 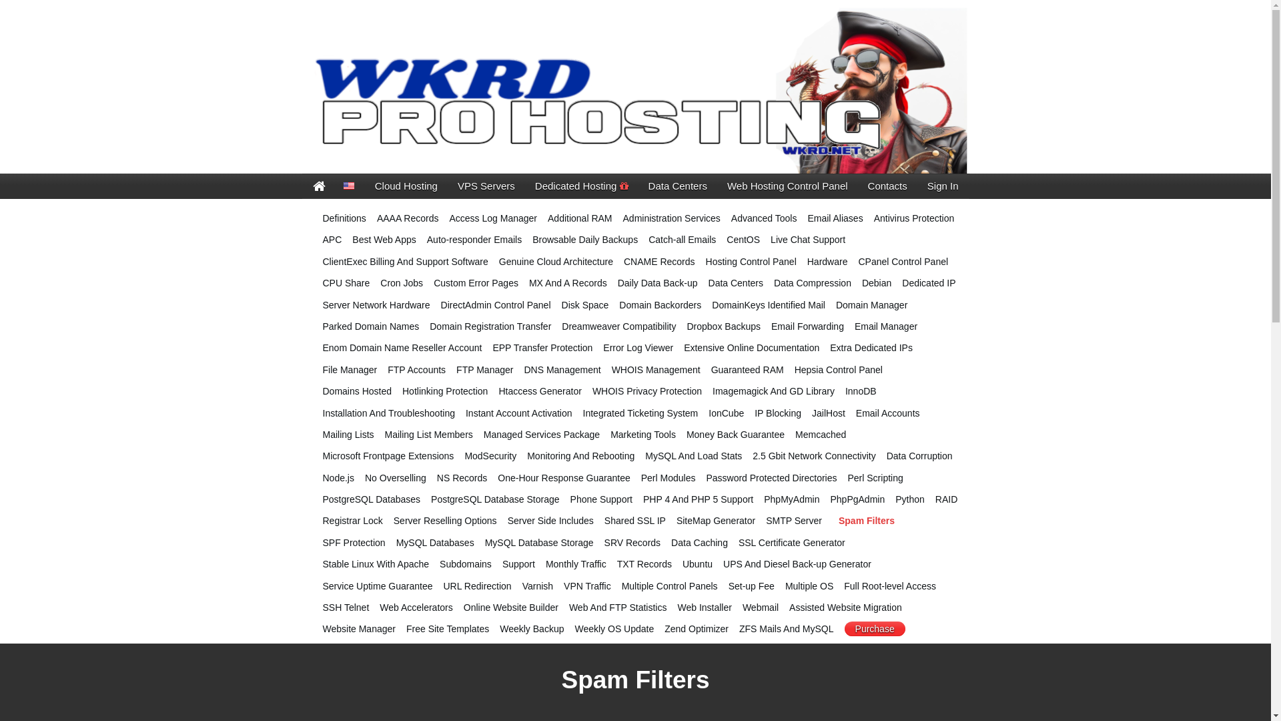 I want to click on 'Online Website Builder', so click(x=464, y=608).